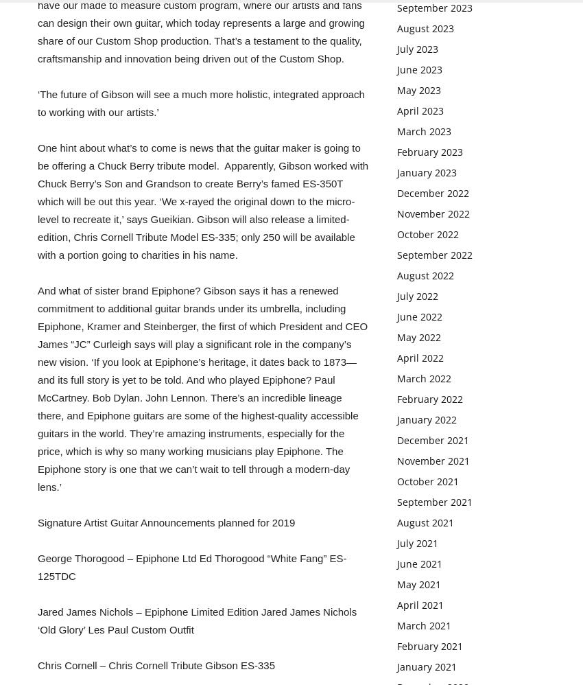 Image resolution: width=583 pixels, height=685 pixels. What do you see at coordinates (418, 90) in the screenshot?
I see `'May 2023'` at bounding box center [418, 90].